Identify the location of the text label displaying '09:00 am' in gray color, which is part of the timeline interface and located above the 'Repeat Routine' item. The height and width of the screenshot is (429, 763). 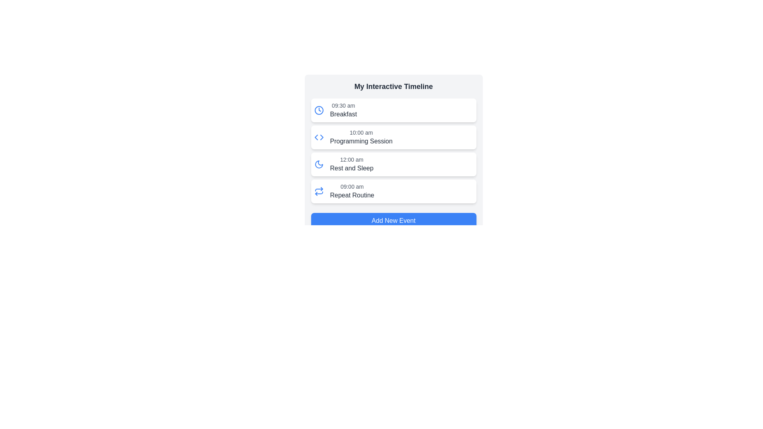
(352, 187).